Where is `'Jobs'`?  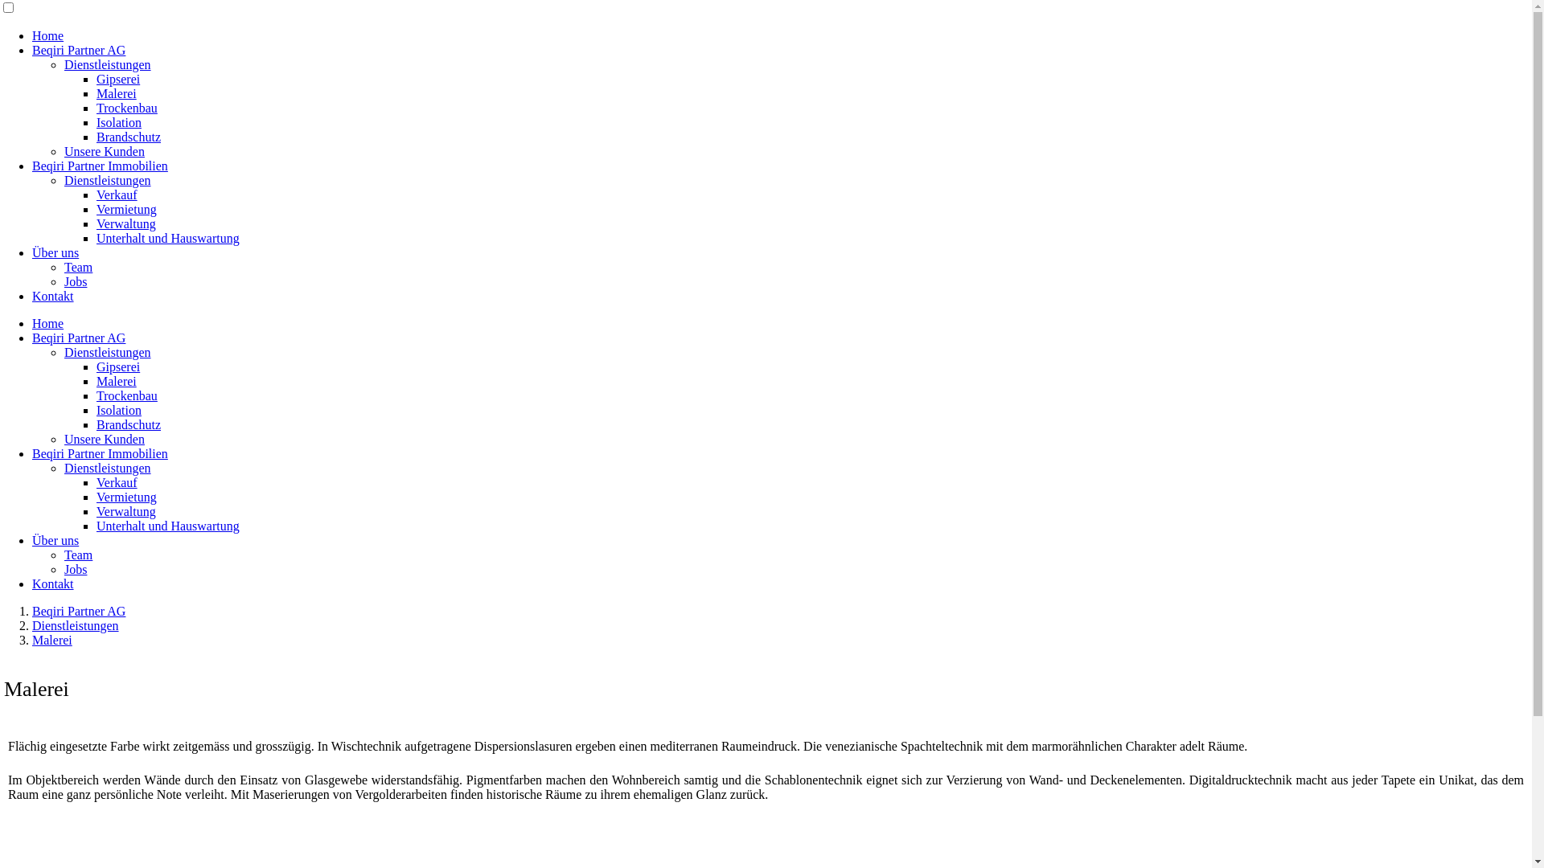 'Jobs' is located at coordinates (75, 280).